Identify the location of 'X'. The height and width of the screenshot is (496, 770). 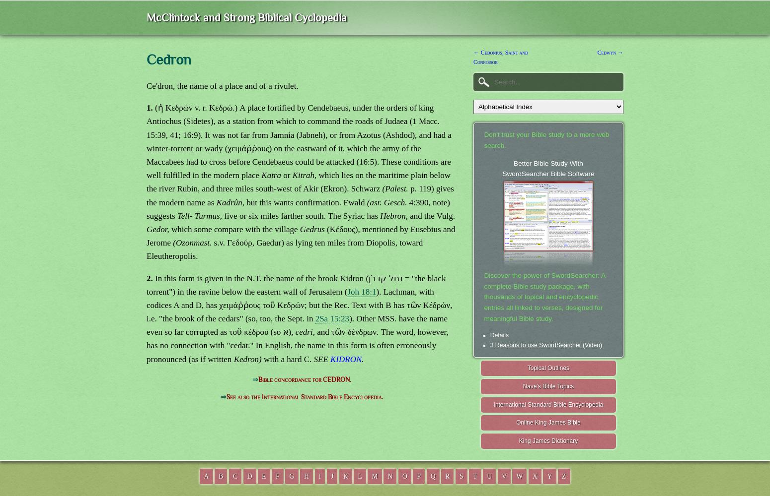
(535, 475).